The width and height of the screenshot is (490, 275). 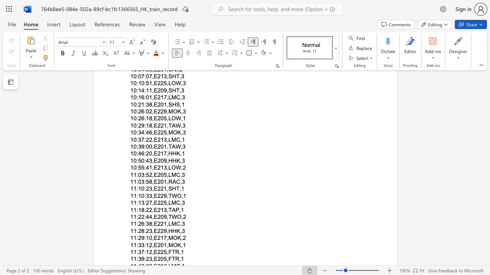 What do you see at coordinates (149, 259) in the screenshot?
I see `the subset text "3,E20" within the text "11:39:23,E205,FTR,1"` at bounding box center [149, 259].